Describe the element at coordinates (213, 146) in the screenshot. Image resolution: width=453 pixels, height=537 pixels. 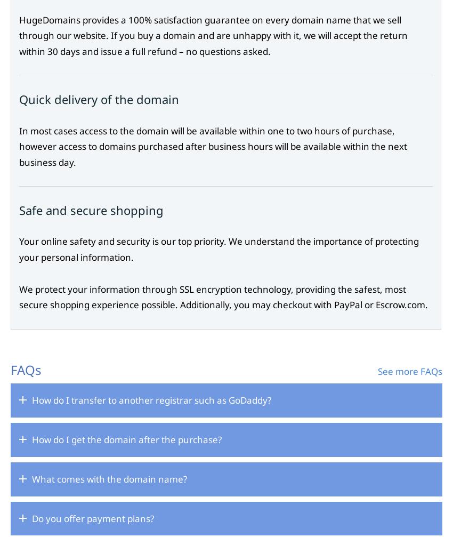
I see `'In most cases access to the domain will be available within one to two hours of purchase, however access to domains purchased after business hours will be available within the next business day.'` at that location.